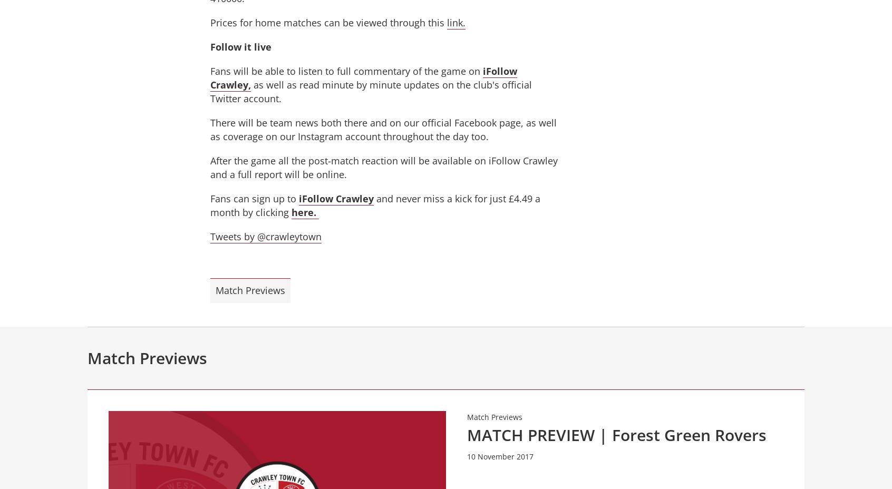  I want to click on 'Fans can sign up to', so click(254, 198).